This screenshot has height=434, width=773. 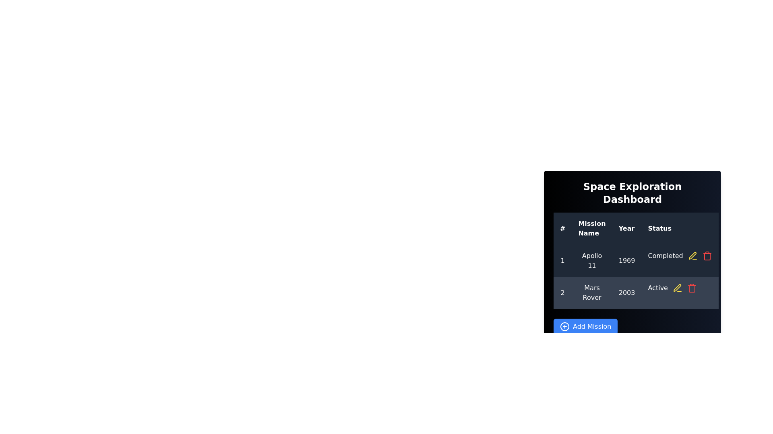 I want to click on the delete button located in the 'Status' column of the first row of the 'Space Exploration Dashboard', so click(x=707, y=256).